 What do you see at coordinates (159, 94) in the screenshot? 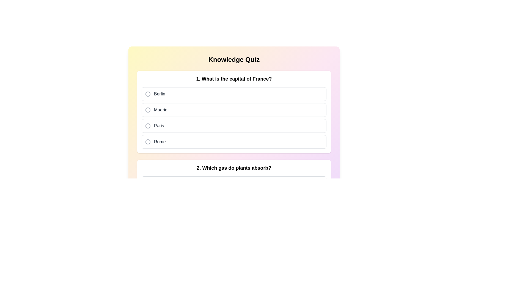
I see `text of the first selectable option label for the question 'What is the capital of France?'` at bounding box center [159, 94].